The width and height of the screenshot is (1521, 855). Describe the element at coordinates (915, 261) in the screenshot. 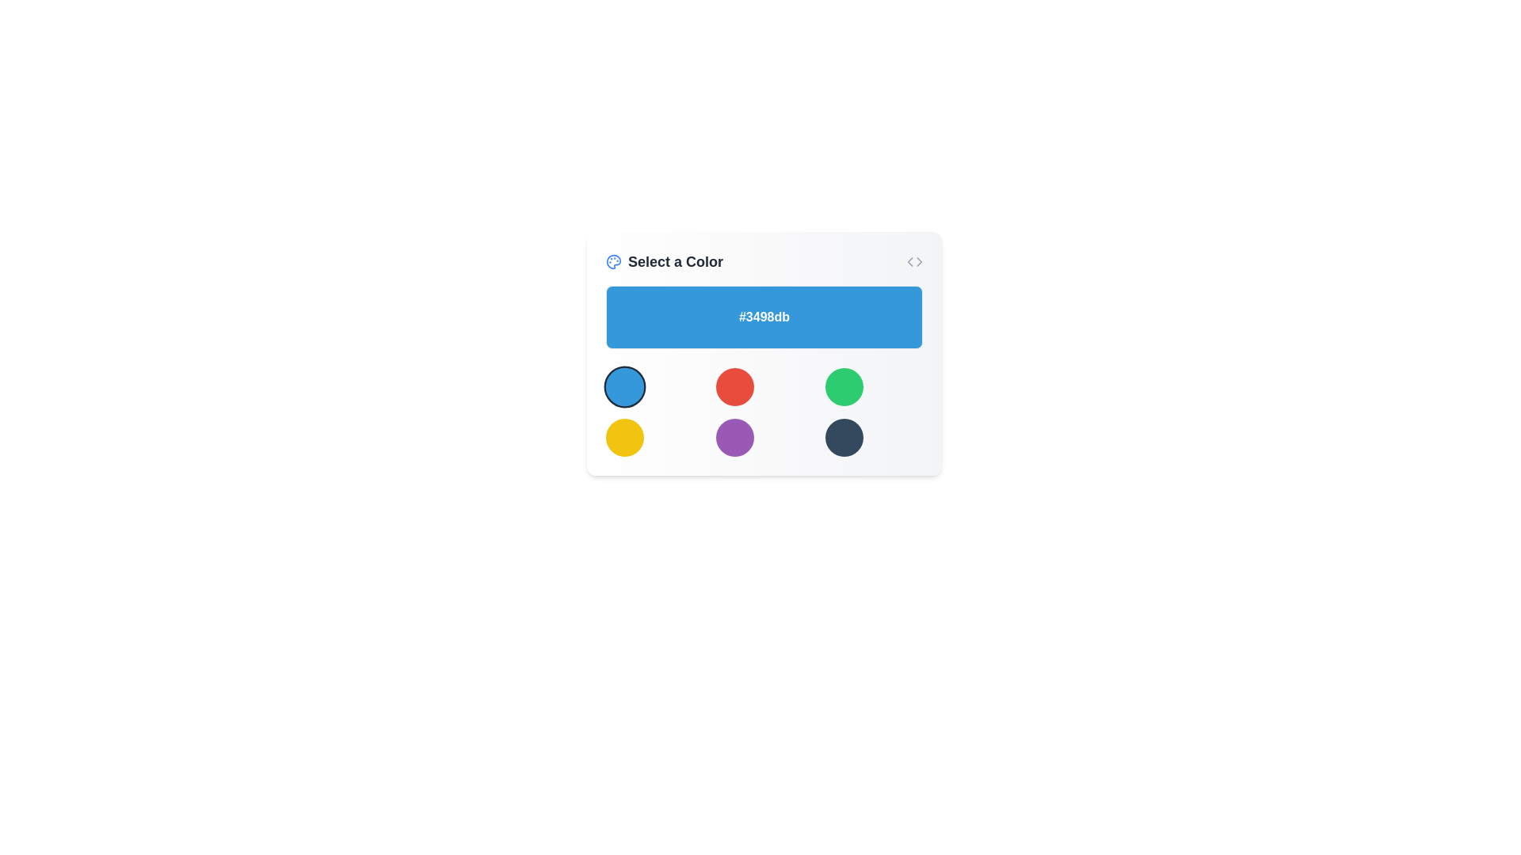

I see `the small gray decorative icon resembling code or chevrons located at the far right side of the header section of the 'Select a Color' panel` at that location.